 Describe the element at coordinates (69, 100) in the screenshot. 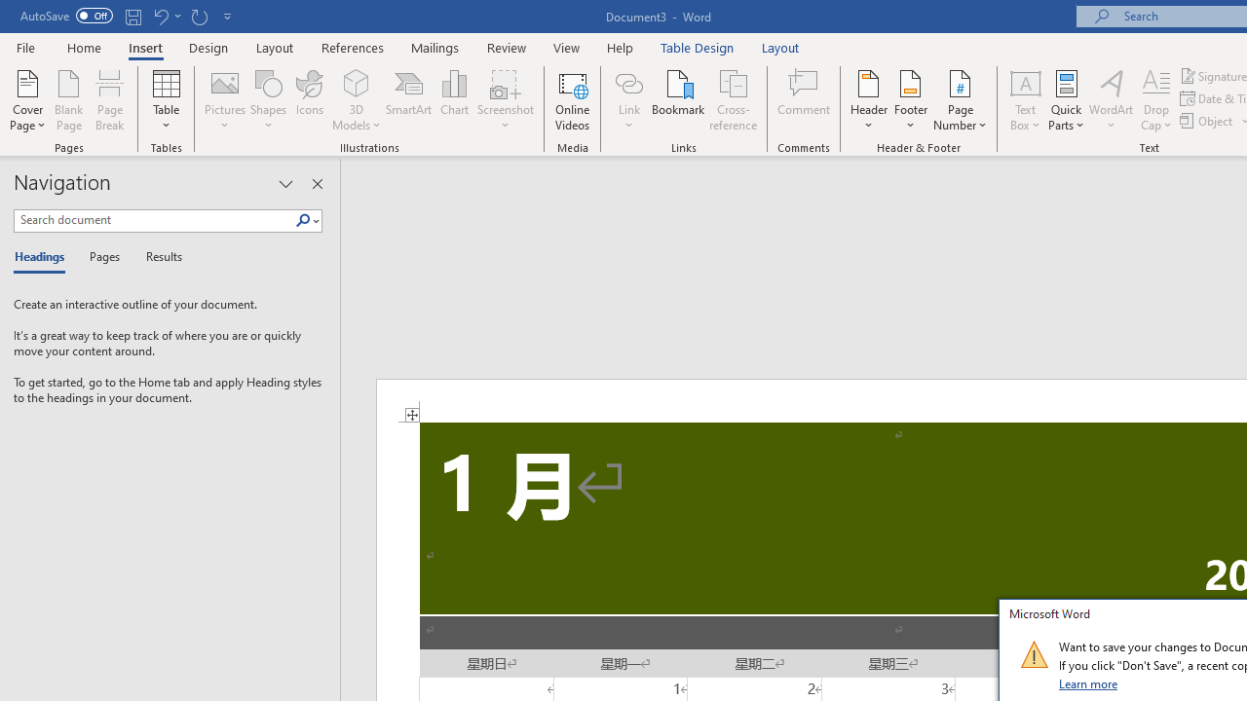

I see `'Blank Page'` at that location.